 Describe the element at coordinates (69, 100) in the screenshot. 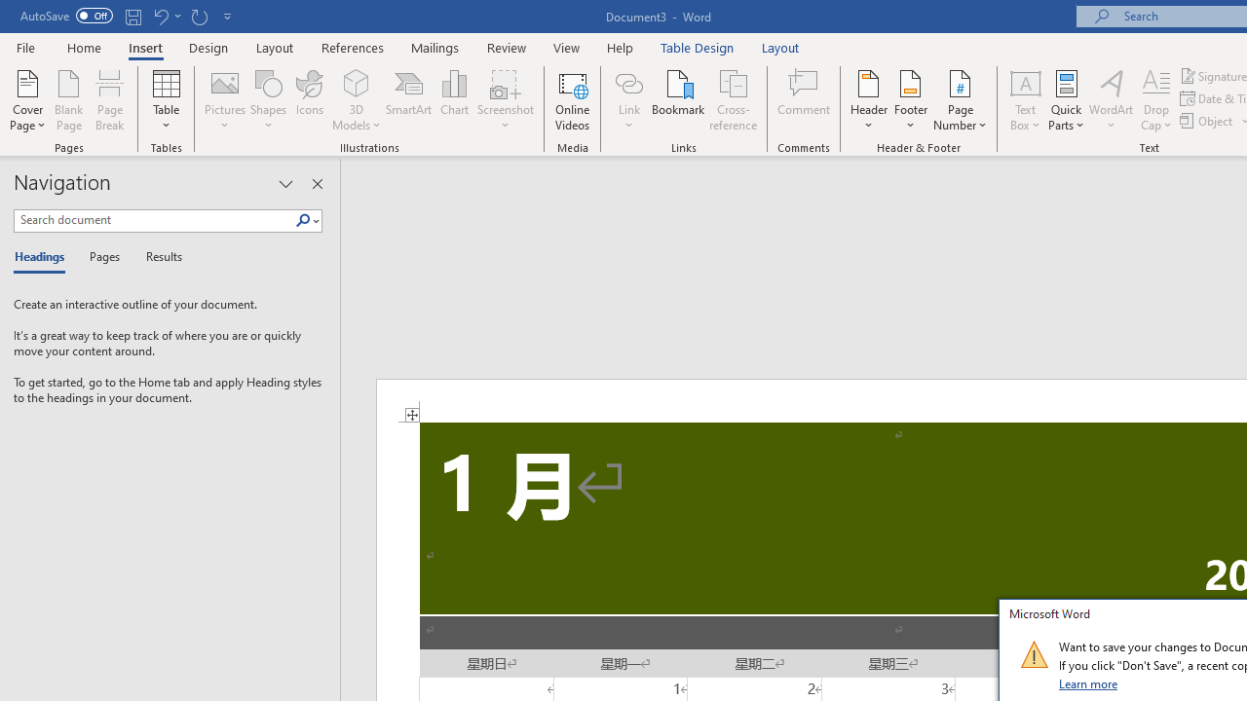

I see `'Blank Page'` at that location.